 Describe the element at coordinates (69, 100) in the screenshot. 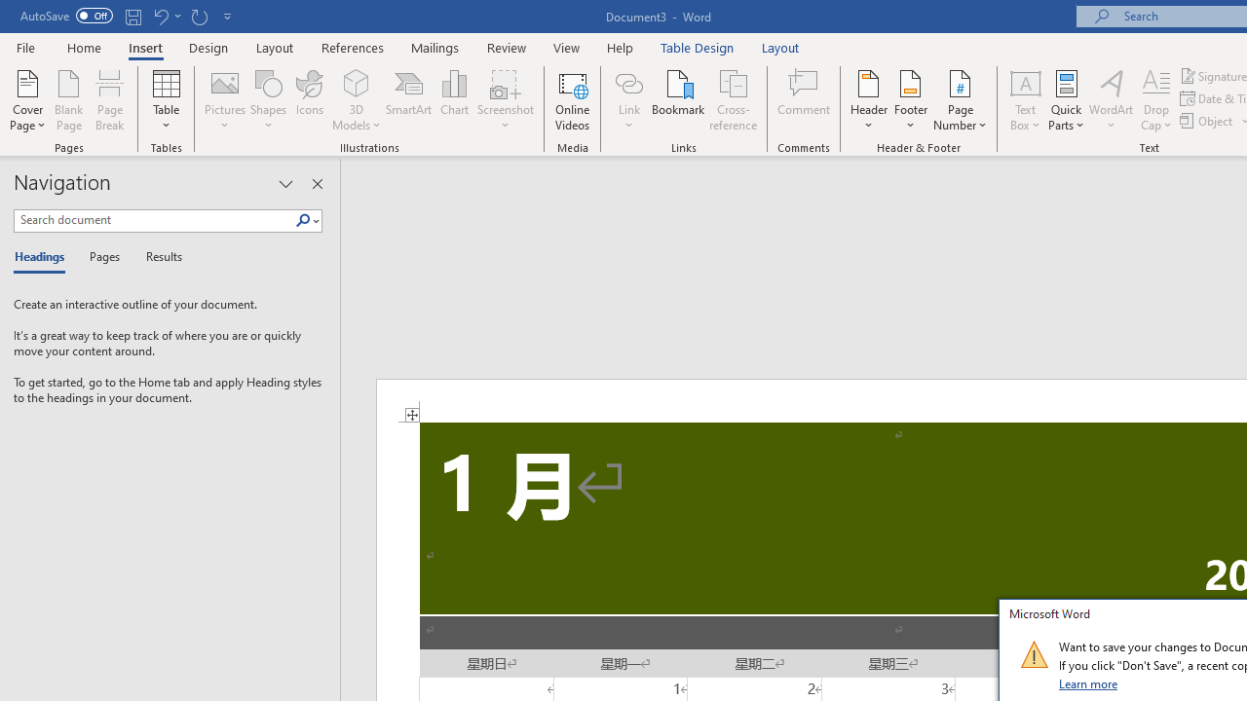

I see `'Blank Page'` at that location.